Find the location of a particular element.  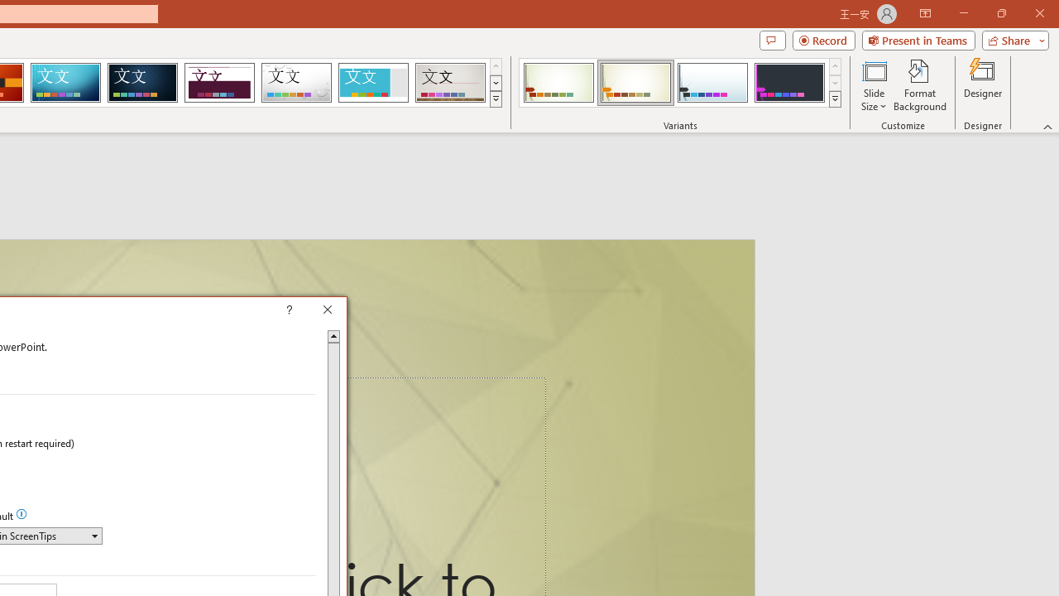

'Wisp Variant 3' is located at coordinates (712, 83).